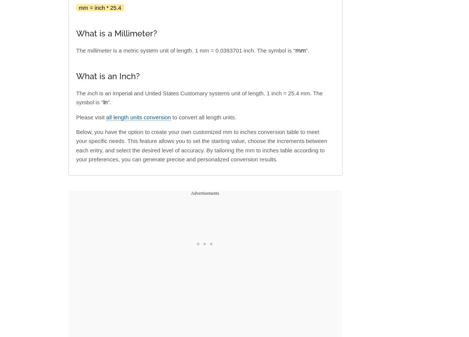 Image resolution: width=469 pixels, height=337 pixels. Describe the element at coordinates (76, 33) in the screenshot. I see `'What is a Millimeter?'` at that location.